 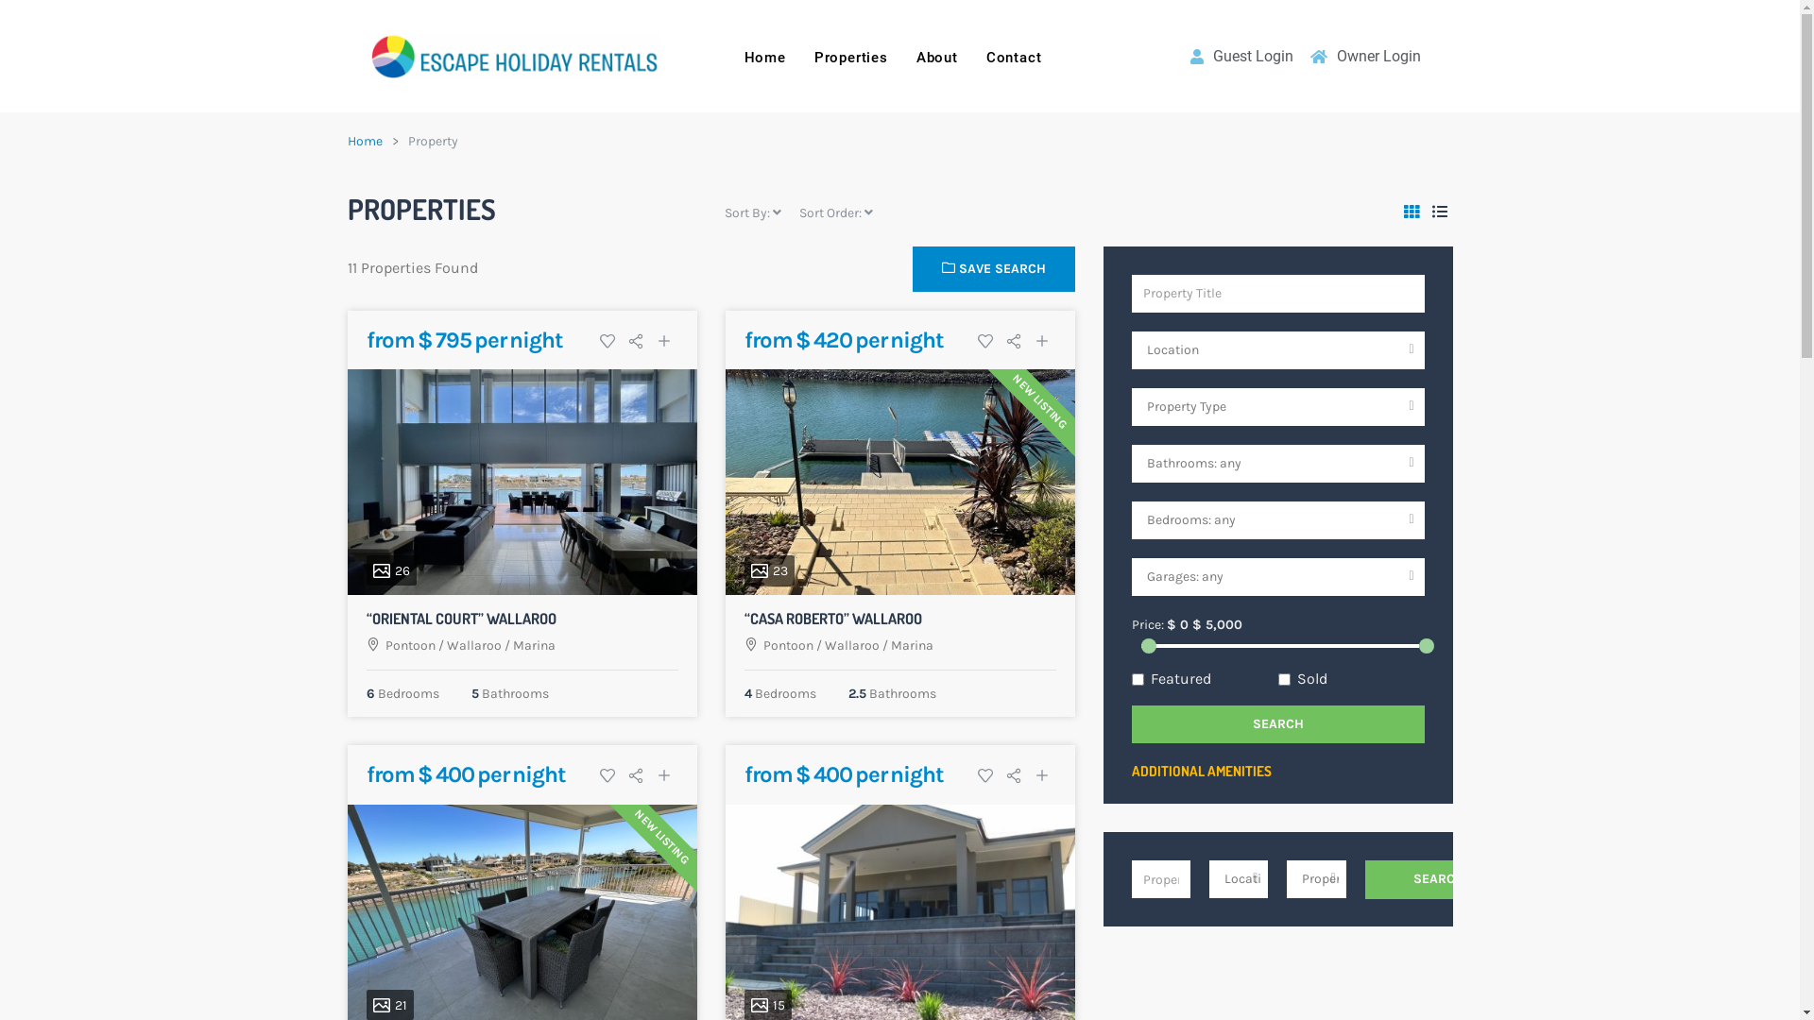 I want to click on 'Properties', so click(x=850, y=57).